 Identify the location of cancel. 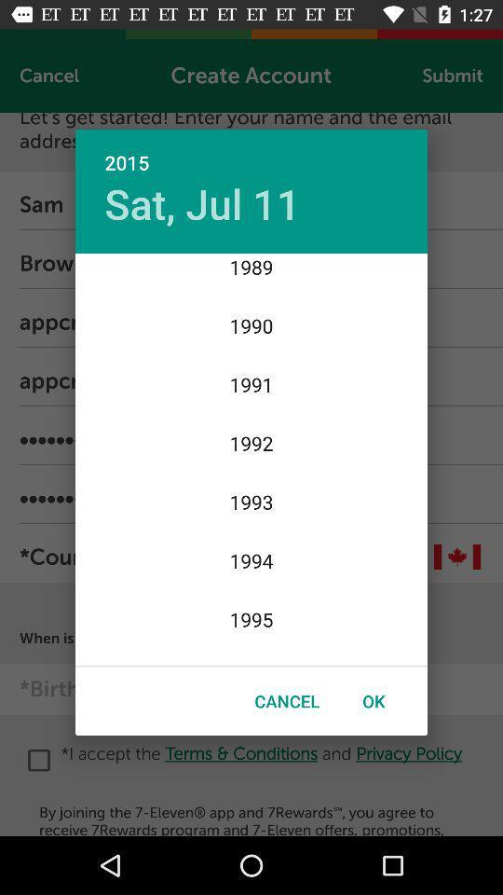
(287, 700).